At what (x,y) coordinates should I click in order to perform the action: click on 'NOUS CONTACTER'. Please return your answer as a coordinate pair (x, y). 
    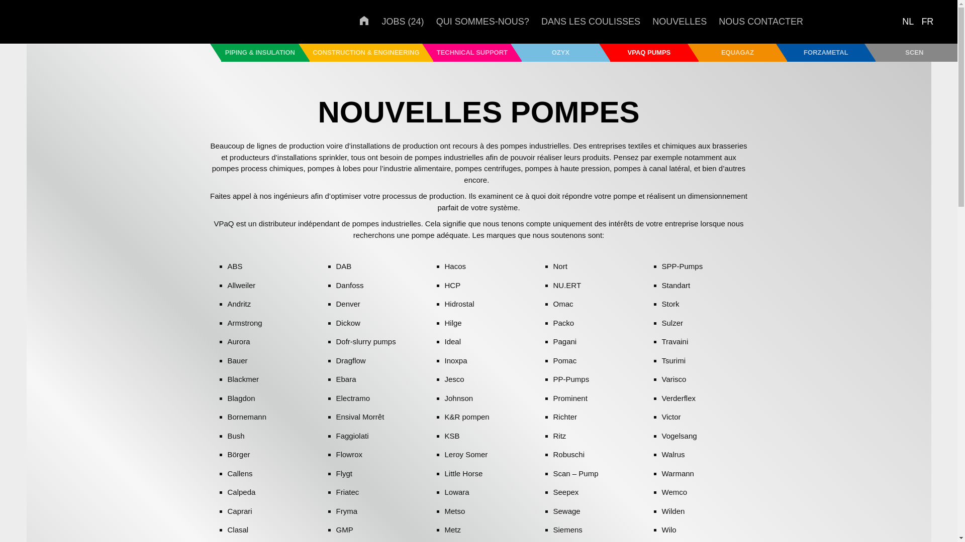
    Looking at the image, I should click on (718, 21).